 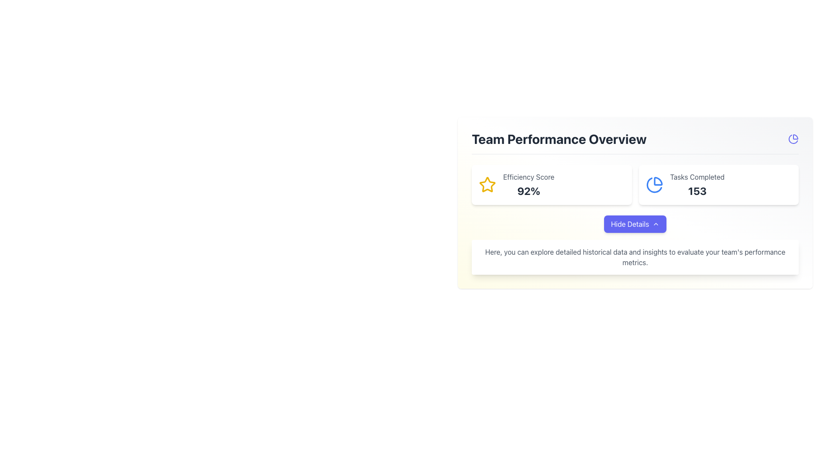 What do you see at coordinates (656, 223) in the screenshot?
I see `the chevron icon located inside the 'Hide Details' button to trigger visual feedback` at bounding box center [656, 223].